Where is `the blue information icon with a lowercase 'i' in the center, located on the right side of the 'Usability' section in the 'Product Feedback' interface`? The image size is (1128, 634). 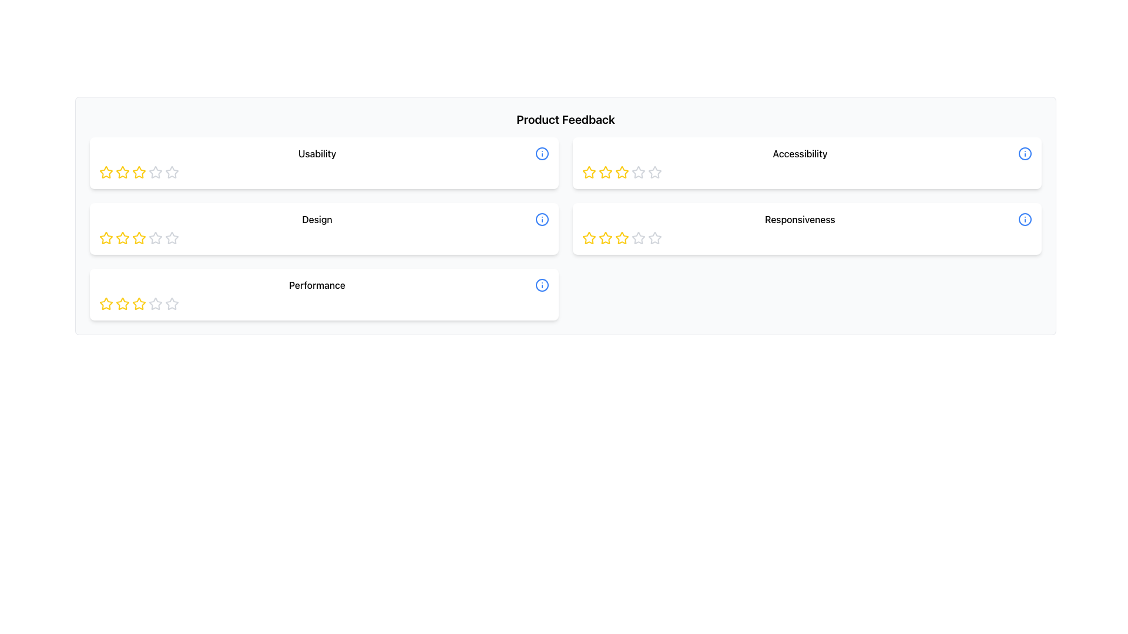
the blue information icon with a lowercase 'i' in the center, located on the right side of the 'Usability' section in the 'Product Feedback' interface is located at coordinates (541, 153).